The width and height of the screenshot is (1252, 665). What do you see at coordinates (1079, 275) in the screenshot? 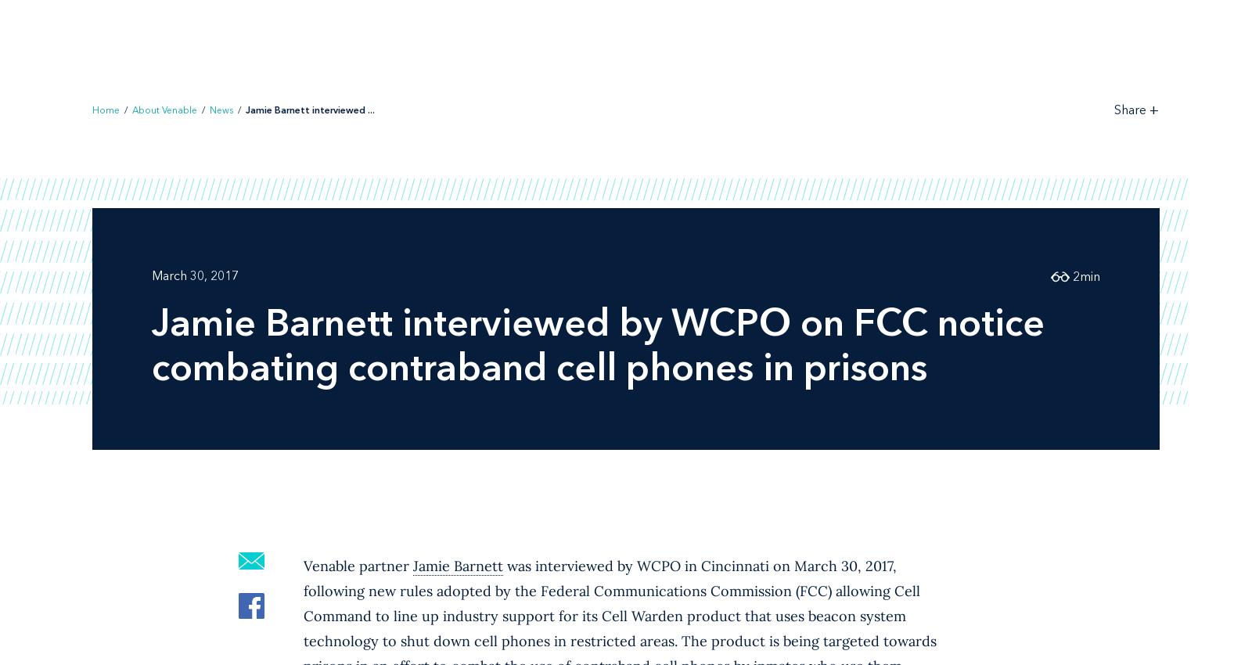
I see `'min'` at bounding box center [1079, 275].